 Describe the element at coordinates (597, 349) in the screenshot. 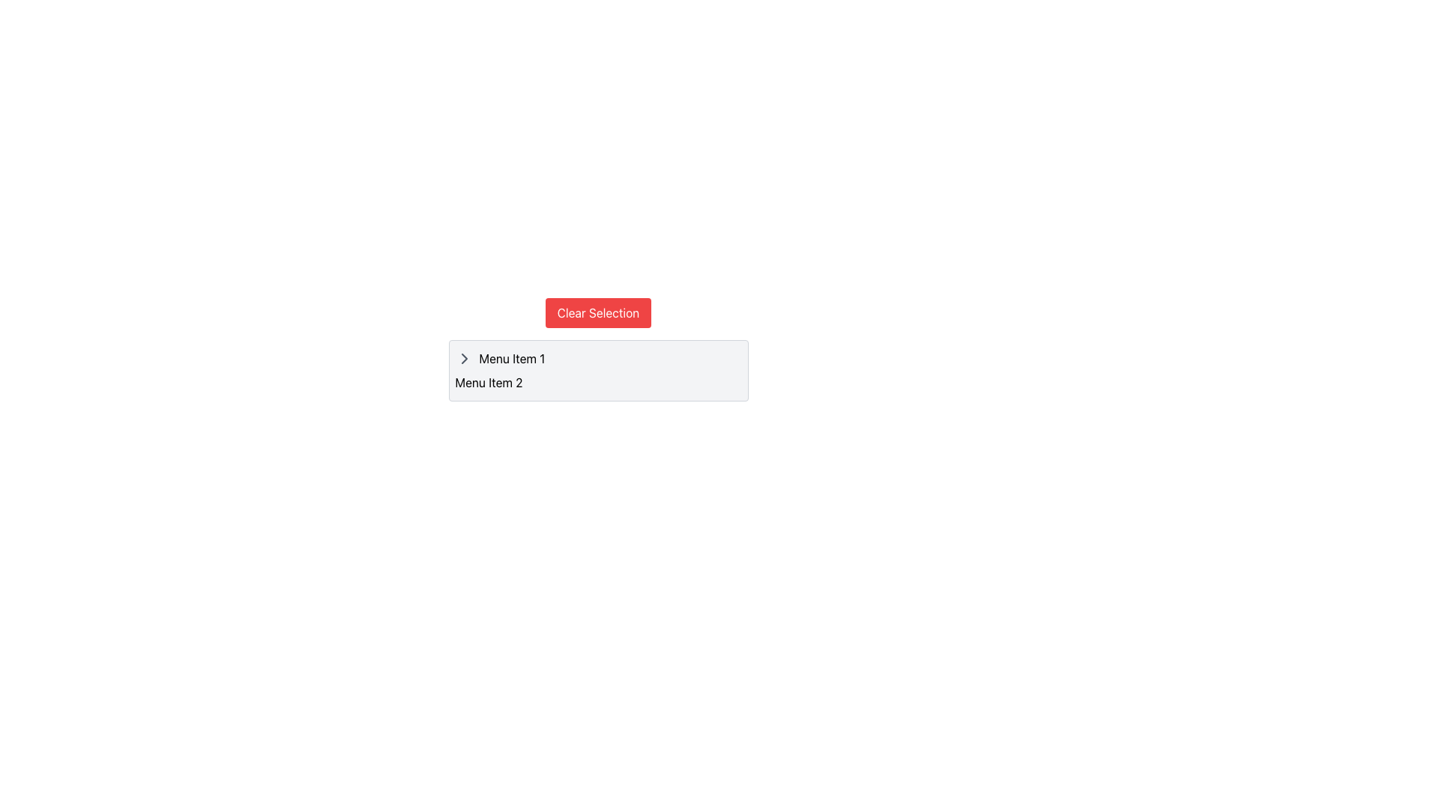

I see `the Dropdown menu containing 'Menu Item 1' and 'Menu Item 2'` at that location.